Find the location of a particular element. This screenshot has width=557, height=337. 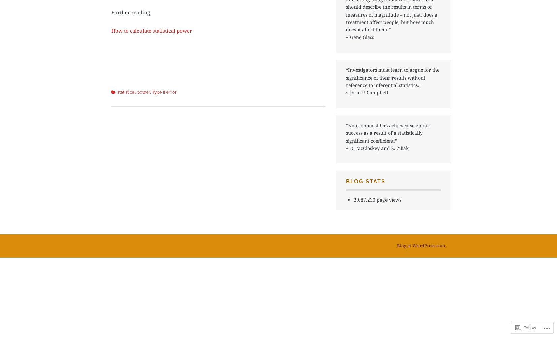

'~ D. McCloskey and S. Ziliak' is located at coordinates (377, 148).